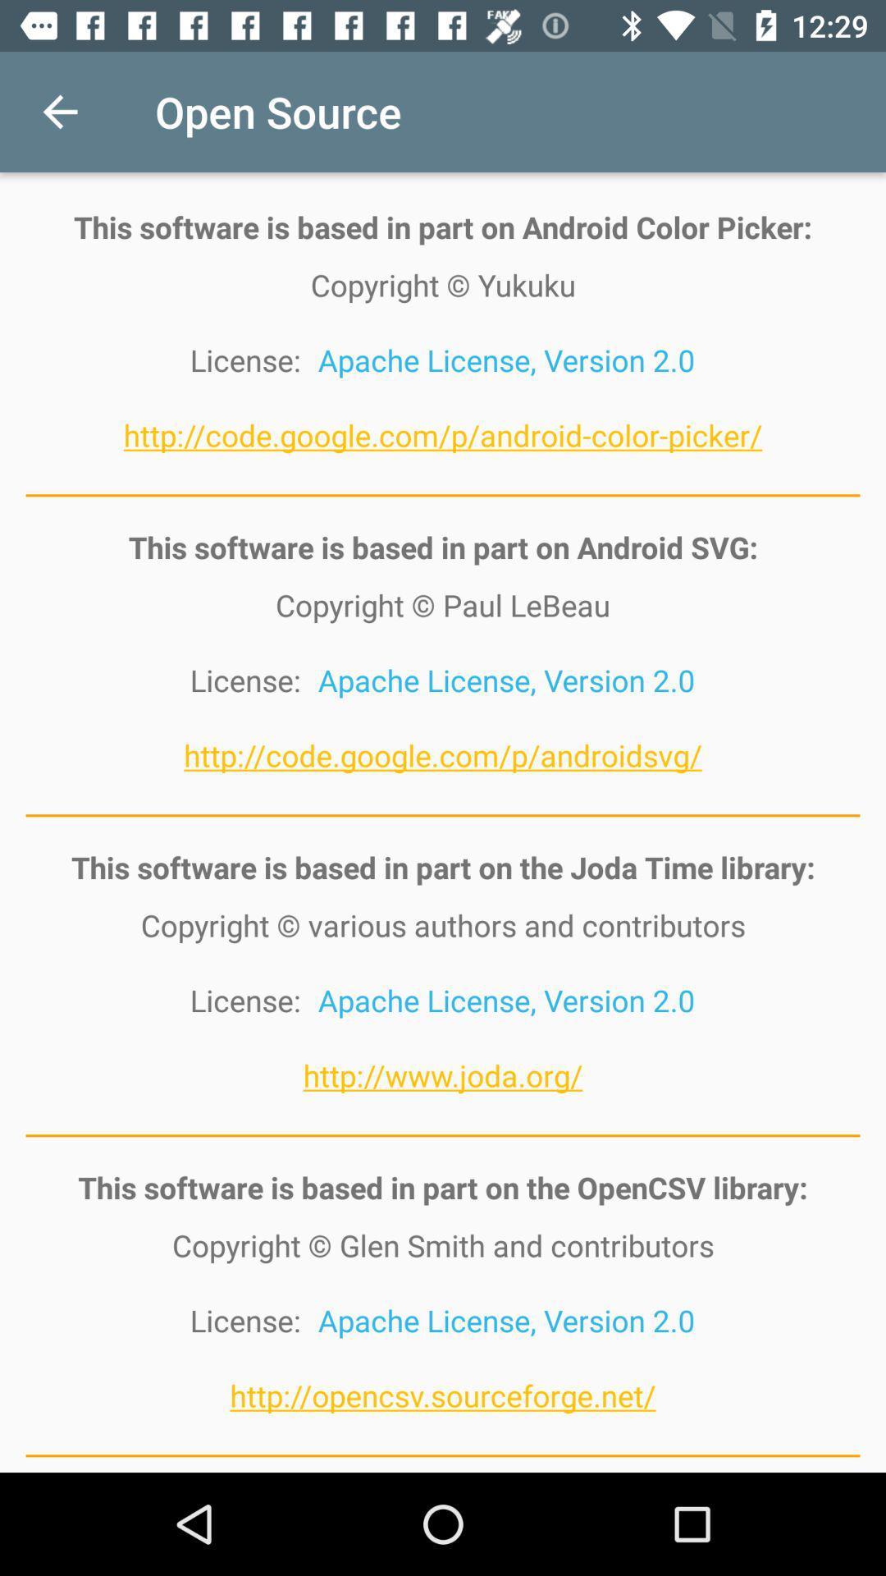 The image size is (886, 1576). What do you see at coordinates (59, 111) in the screenshot?
I see `the icon above this software is icon` at bounding box center [59, 111].